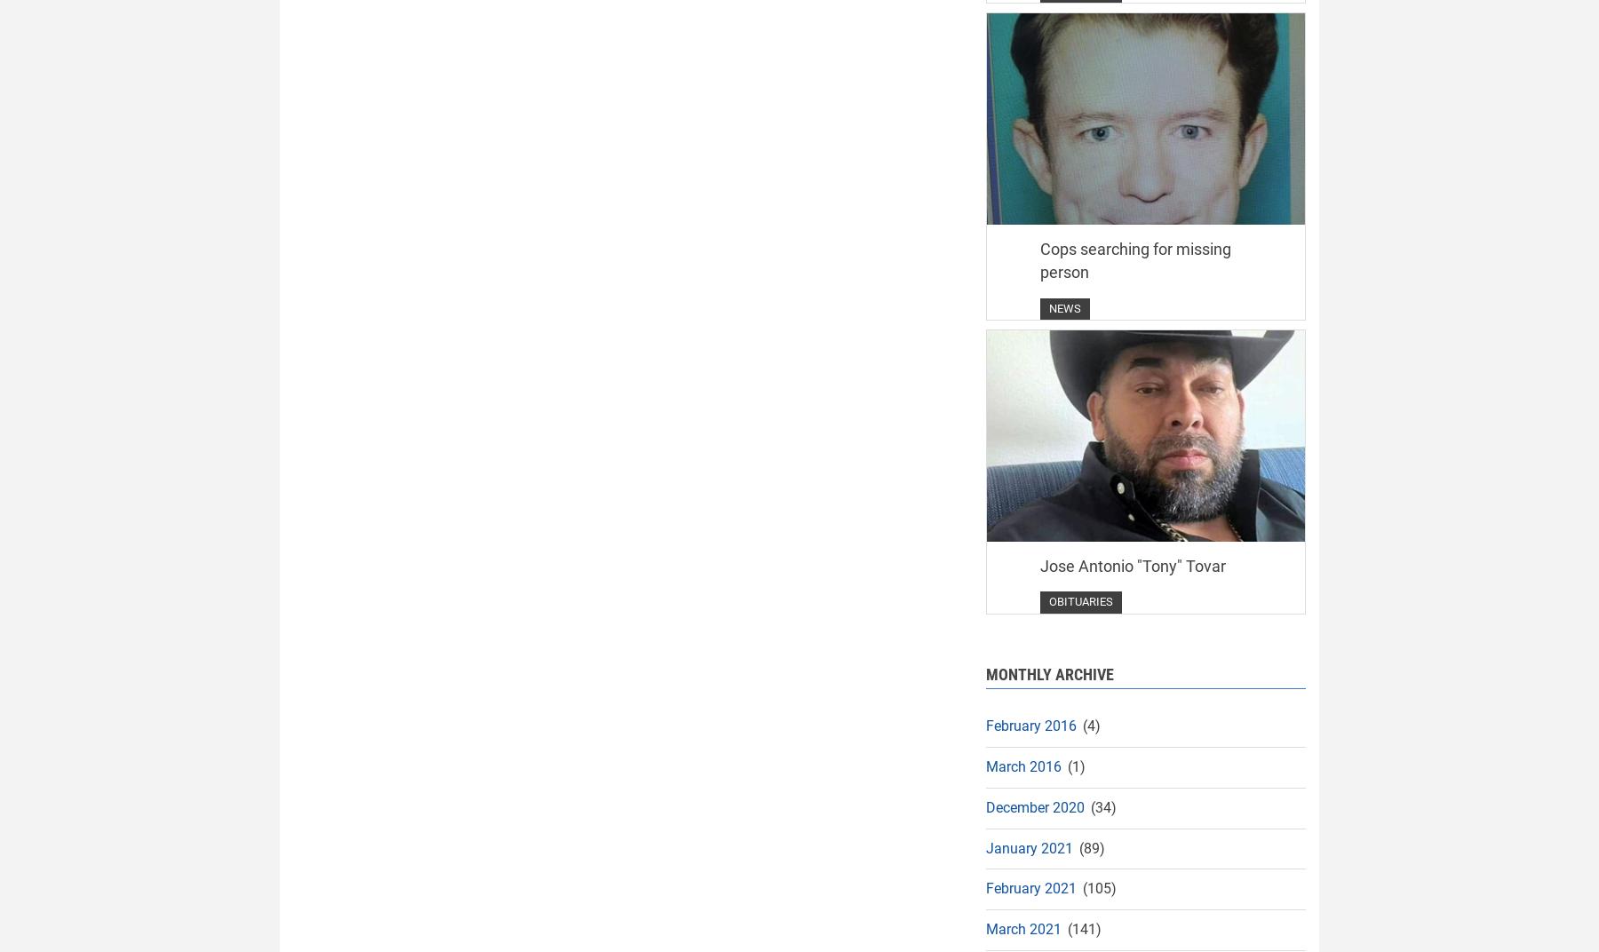 Image resolution: width=1599 pixels, height=952 pixels. I want to click on 'January 2021', so click(1029, 846).